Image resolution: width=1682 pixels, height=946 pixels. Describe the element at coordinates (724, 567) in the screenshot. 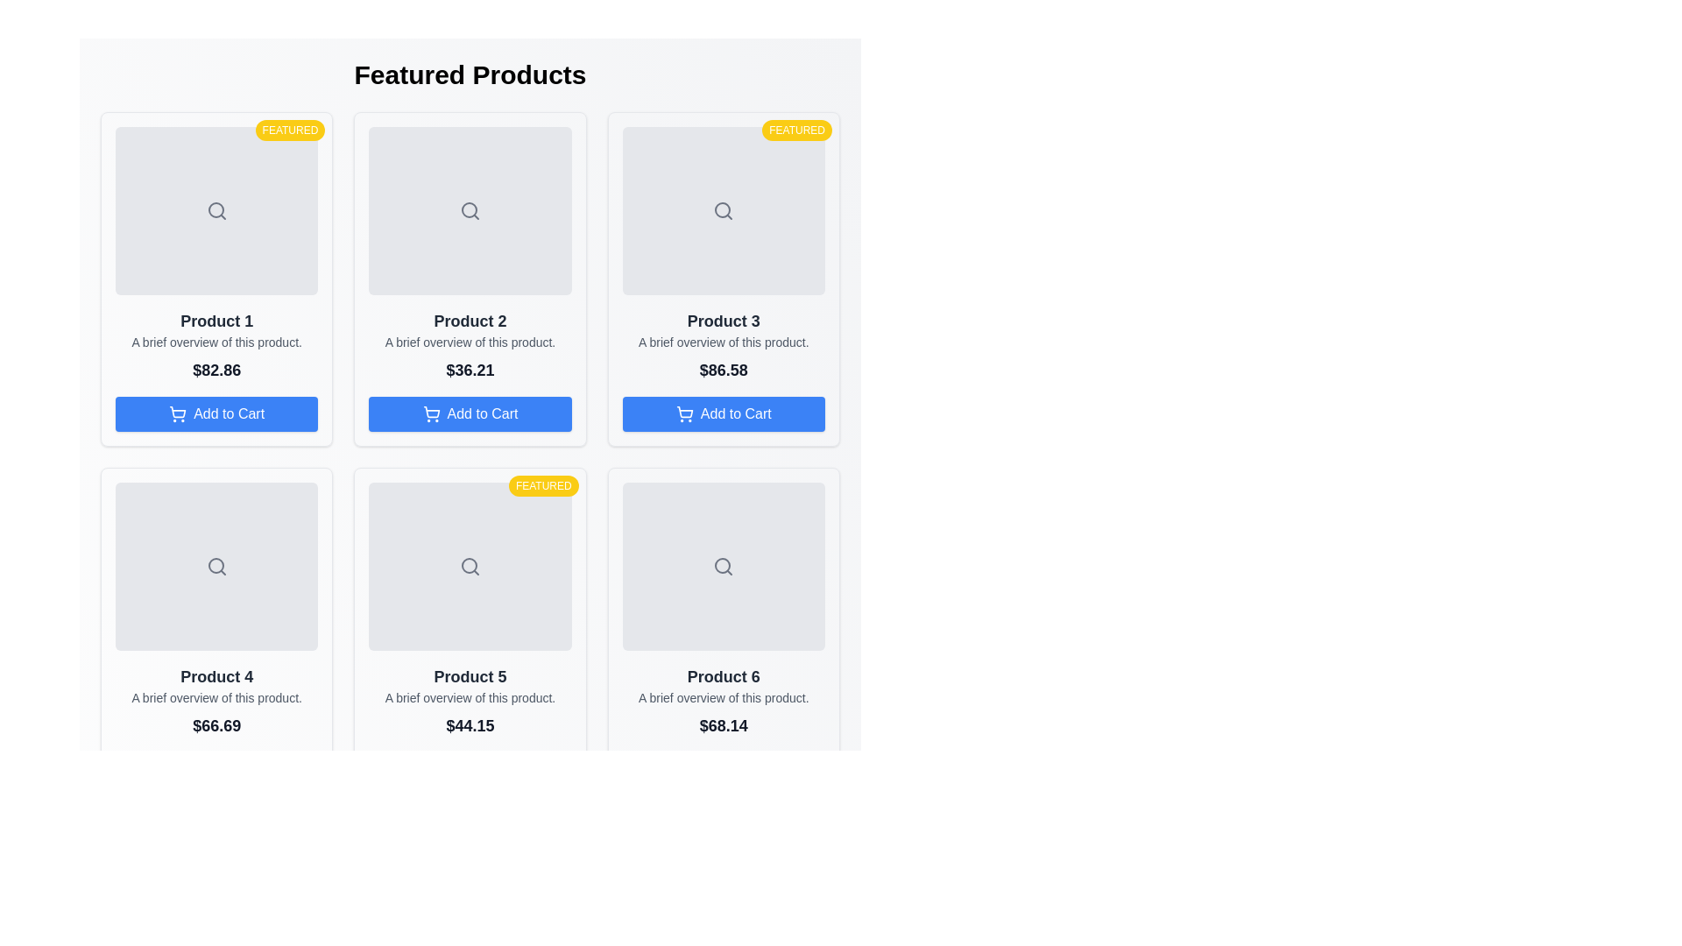

I see `the gray square image placeholder with a magnifying glass icon located in the bottom-right of the 'Product 6' product card` at that location.